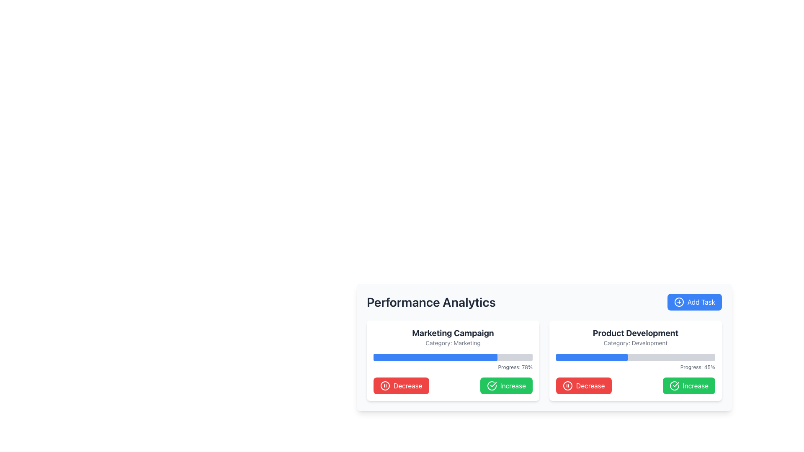 This screenshot has width=804, height=452. What do you see at coordinates (401, 385) in the screenshot?
I see `the prominent rectangular button with a red background and white text labeled 'Decrease' to trigger the color change effect` at bounding box center [401, 385].